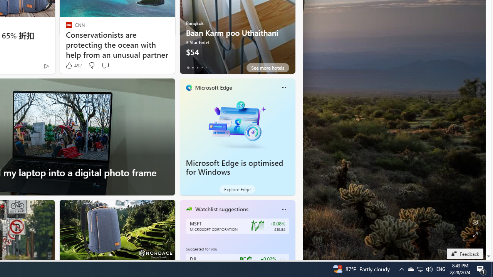 Image resolution: width=493 pixels, height=277 pixels. Describe the element at coordinates (283, 209) in the screenshot. I see `'Class: icon-img'` at that location.